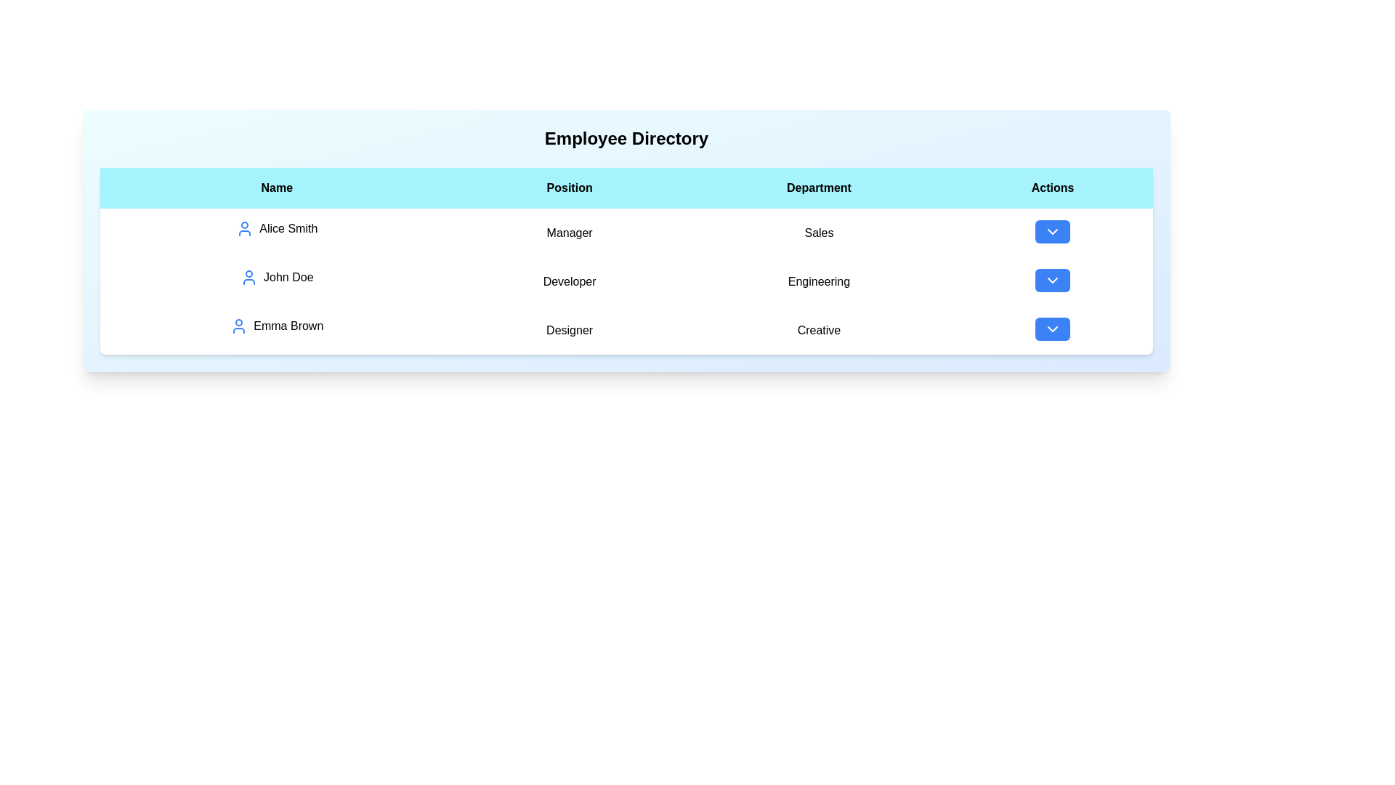 The image size is (1395, 785). What do you see at coordinates (277, 229) in the screenshot?
I see `the text label displaying 'Alice Smith', which is styled with a medium font weight and aligned left in the first row under the 'Name' column of the table` at bounding box center [277, 229].